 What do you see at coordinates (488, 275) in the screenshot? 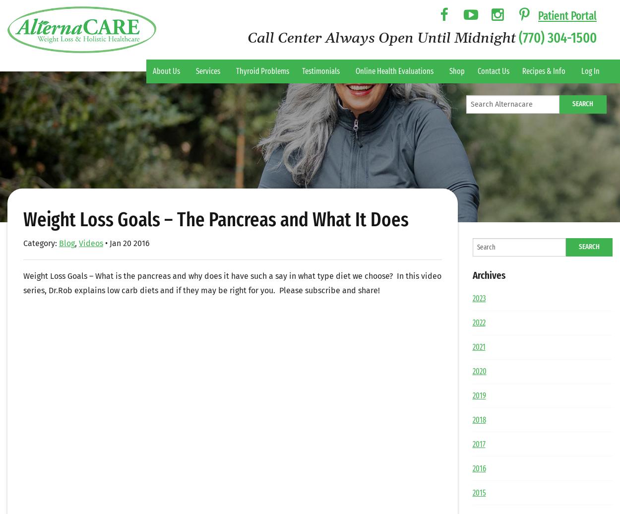
I see `'Archives'` at bounding box center [488, 275].